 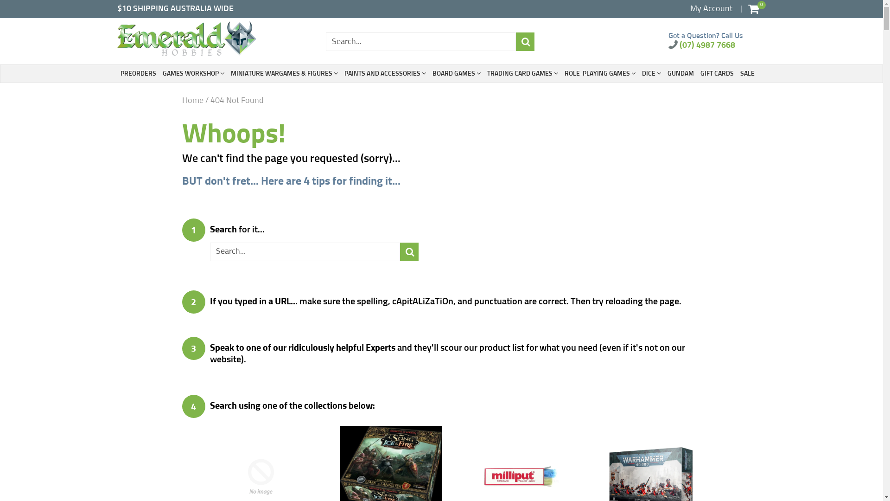 What do you see at coordinates (192, 73) in the screenshot?
I see `'GAMES WORKSHOP'` at bounding box center [192, 73].